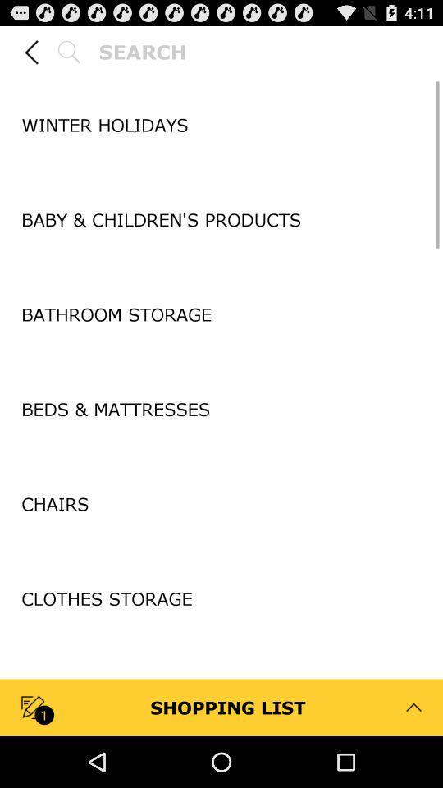 The height and width of the screenshot is (788, 443). What do you see at coordinates (221, 218) in the screenshot?
I see `baby children s` at bounding box center [221, 218].